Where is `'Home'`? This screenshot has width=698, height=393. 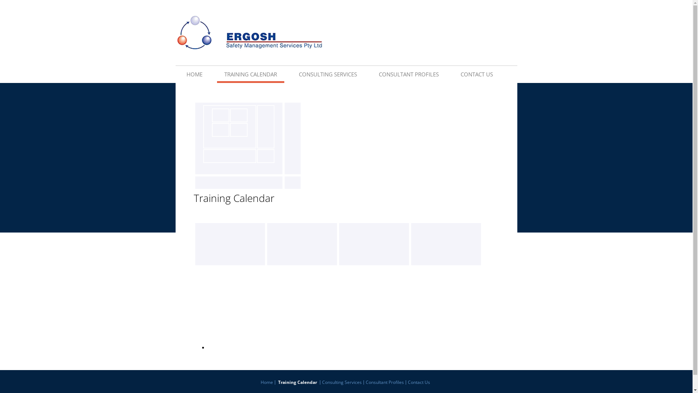 'Home' is located at coordinates (268, 382).